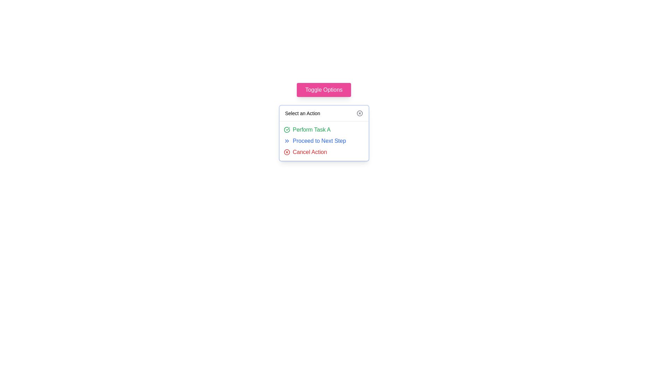 The width and height of the screenshot is (672, 378). Describe the element at coordinates (359, 113) in the screenshot. I see `the circular outline element that is part of the cancel or close action icon, located at the far right of the header labeled 'Select an Action'` at that location.